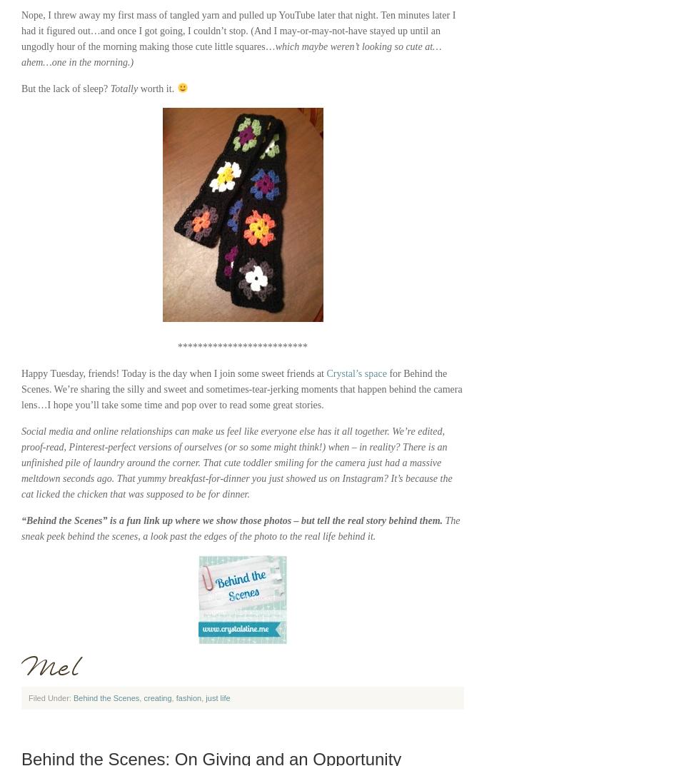 The width and height of the screenshot is (689, 766). Describe the element at coordinates (173, 373) in the screenshot. I see `'Happy Tuesday, friends! Today is the day when I join some sweet friends at'` at that location.